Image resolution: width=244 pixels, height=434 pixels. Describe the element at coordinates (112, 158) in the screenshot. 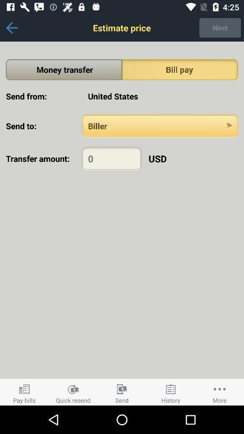

I see `dollar amount to transfer` at that location.